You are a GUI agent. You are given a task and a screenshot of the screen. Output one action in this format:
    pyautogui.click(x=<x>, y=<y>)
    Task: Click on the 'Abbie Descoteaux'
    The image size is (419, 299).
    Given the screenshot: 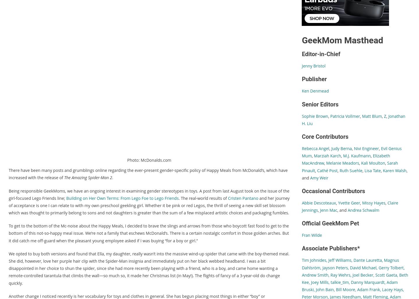 What is the action you would take?
    pyautogui.click(x=318, y=202)
    